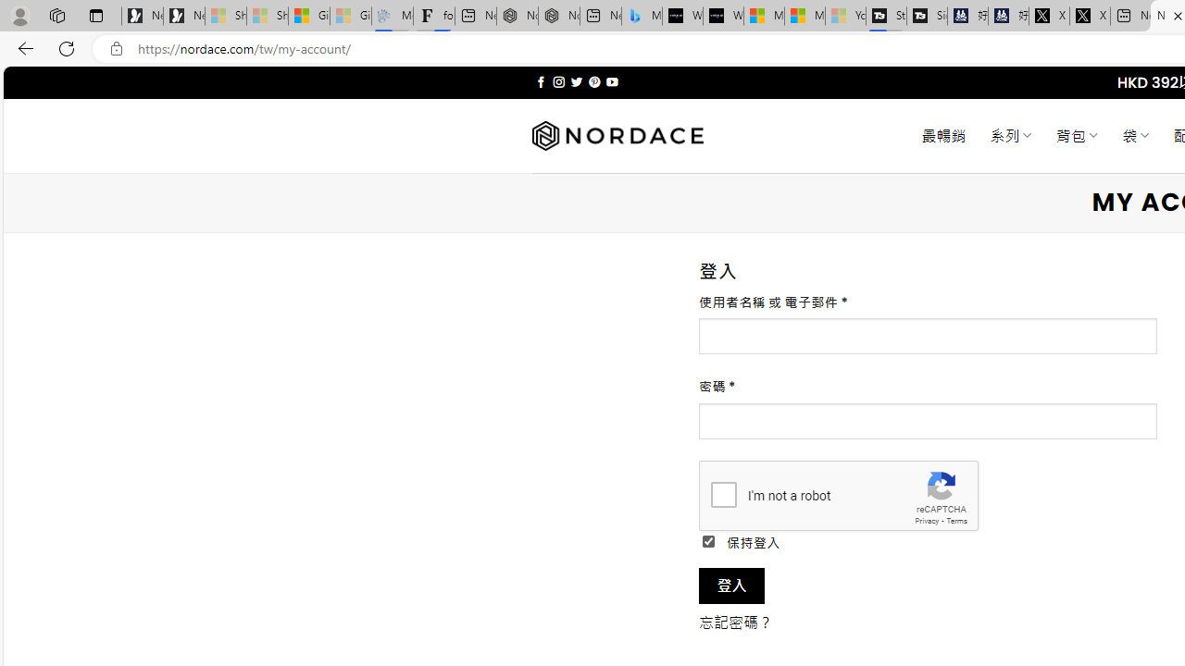  Describe the element at coordinates (558, 16) in the screenshot. I see `'Nordace - #1 Japanese Best-Seller - Siena Smart Backpack'` at that location.